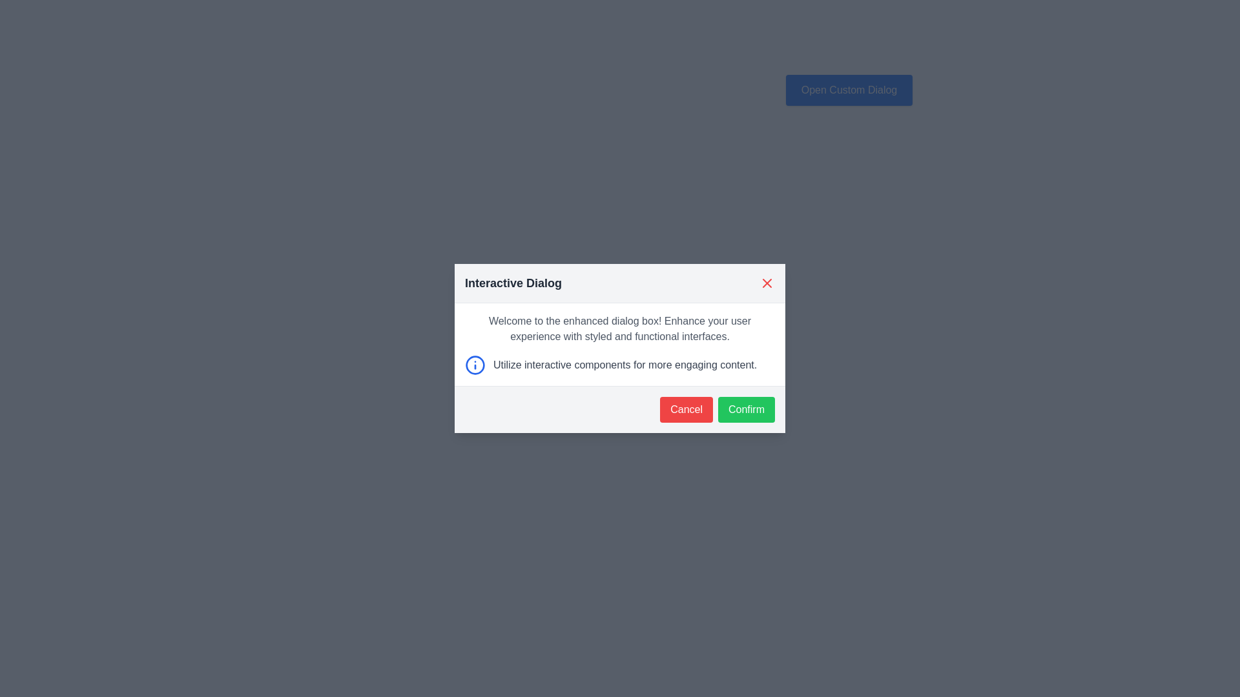 The width and height of the screenshot is (1240, 697). I want to click on the interactive button located above the main dialog box, so click(849, 89).